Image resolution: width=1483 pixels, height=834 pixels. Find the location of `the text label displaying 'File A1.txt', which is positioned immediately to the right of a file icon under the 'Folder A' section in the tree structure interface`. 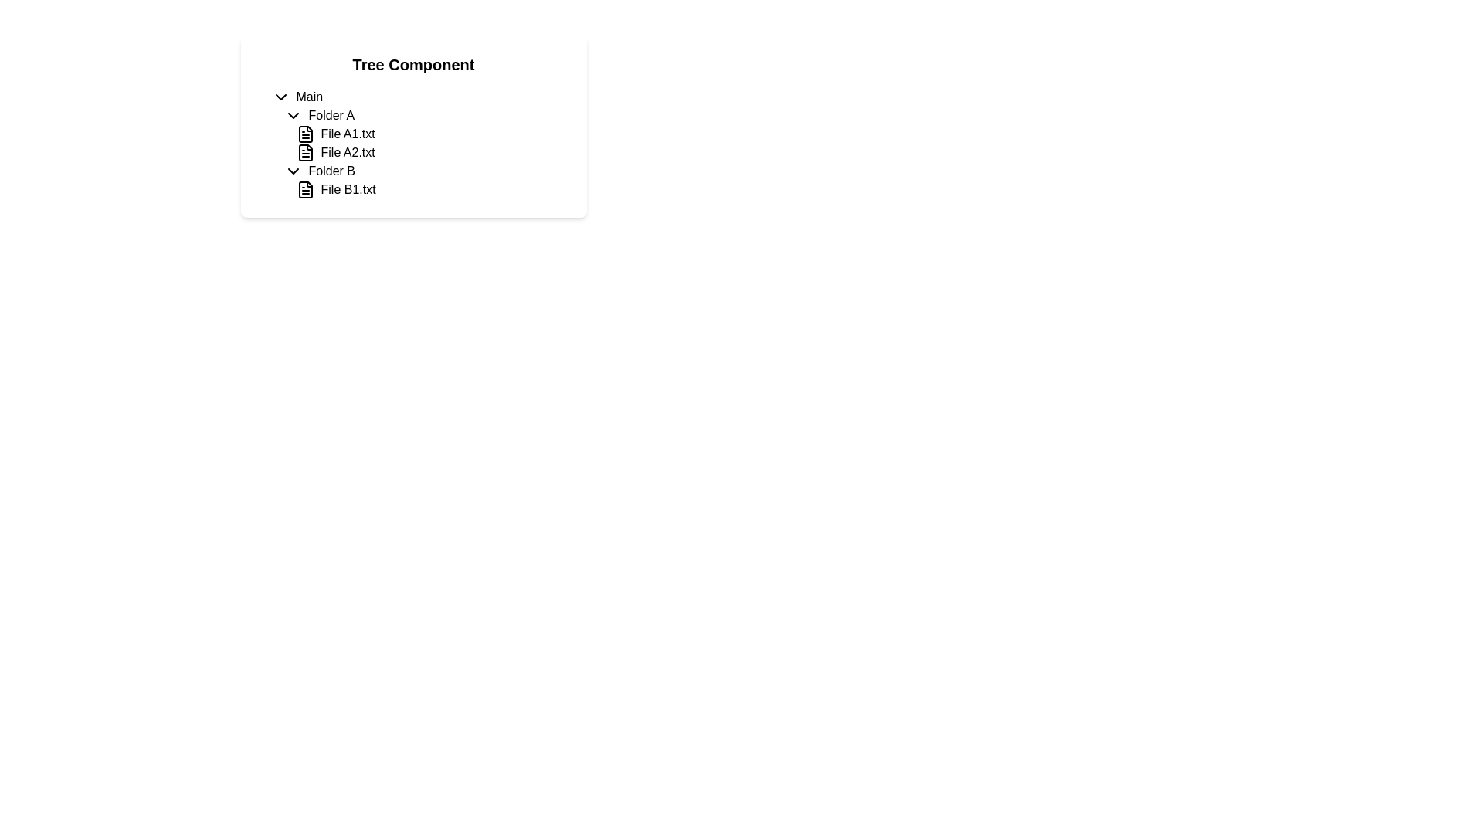

the text label displaying 'File A1.txt', which is positioned immediately to the right of a file icon under the 'Folder A' section in the tree structure interface is located at coordinates (347, 133).